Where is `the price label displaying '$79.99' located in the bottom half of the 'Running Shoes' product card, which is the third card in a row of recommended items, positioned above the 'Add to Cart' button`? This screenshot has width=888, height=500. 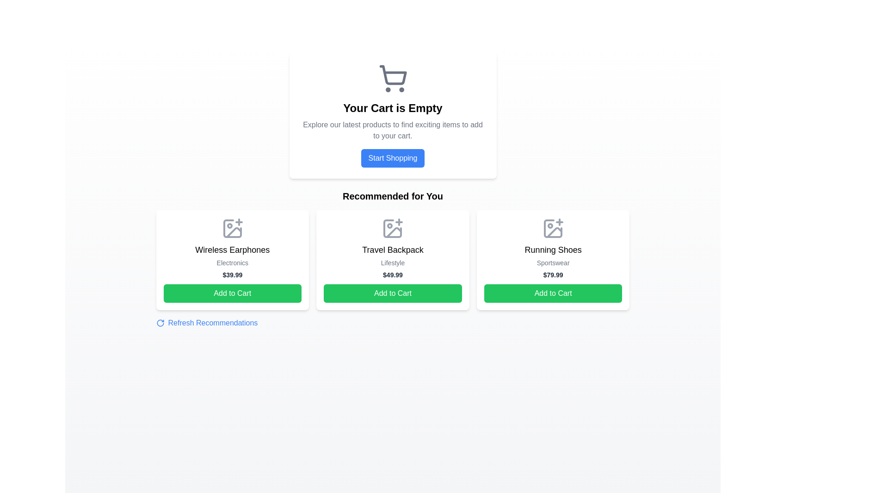
the price label displaying '$79.99' located in the bottom half of the 'Running Shoes' product card, which is the third card in a row of recommended items, positioned above the 'Add to Cart' button is located at coordinates (553, 275).